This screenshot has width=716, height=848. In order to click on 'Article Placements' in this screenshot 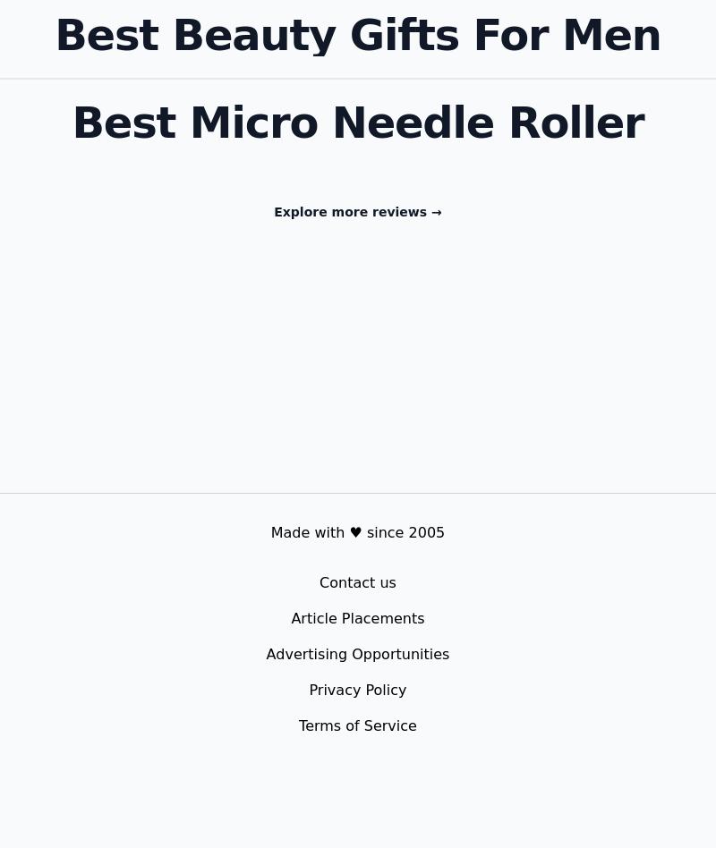, I will do `click(356, 616)`.